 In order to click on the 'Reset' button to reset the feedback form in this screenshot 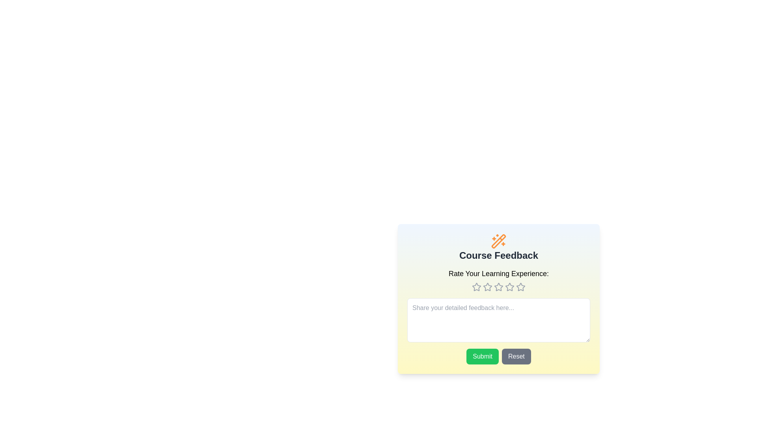, I will do `click(516, 356)`.